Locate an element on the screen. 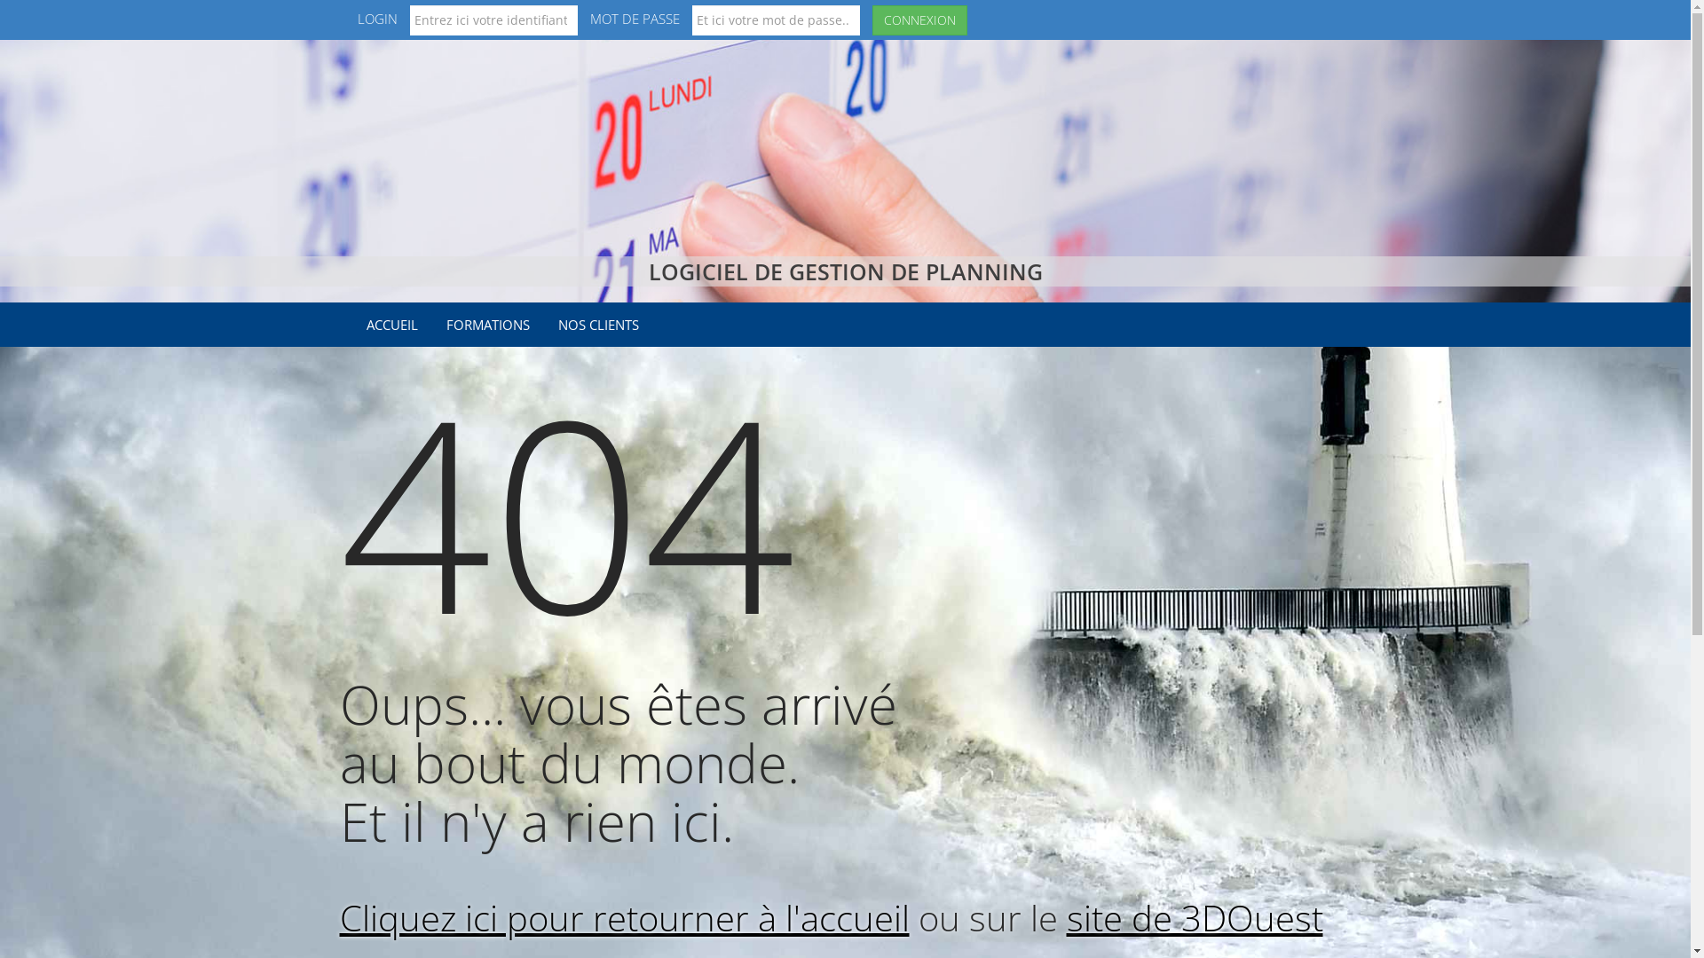  'NOS CLIENTS' is located at coordinates (598, 325).